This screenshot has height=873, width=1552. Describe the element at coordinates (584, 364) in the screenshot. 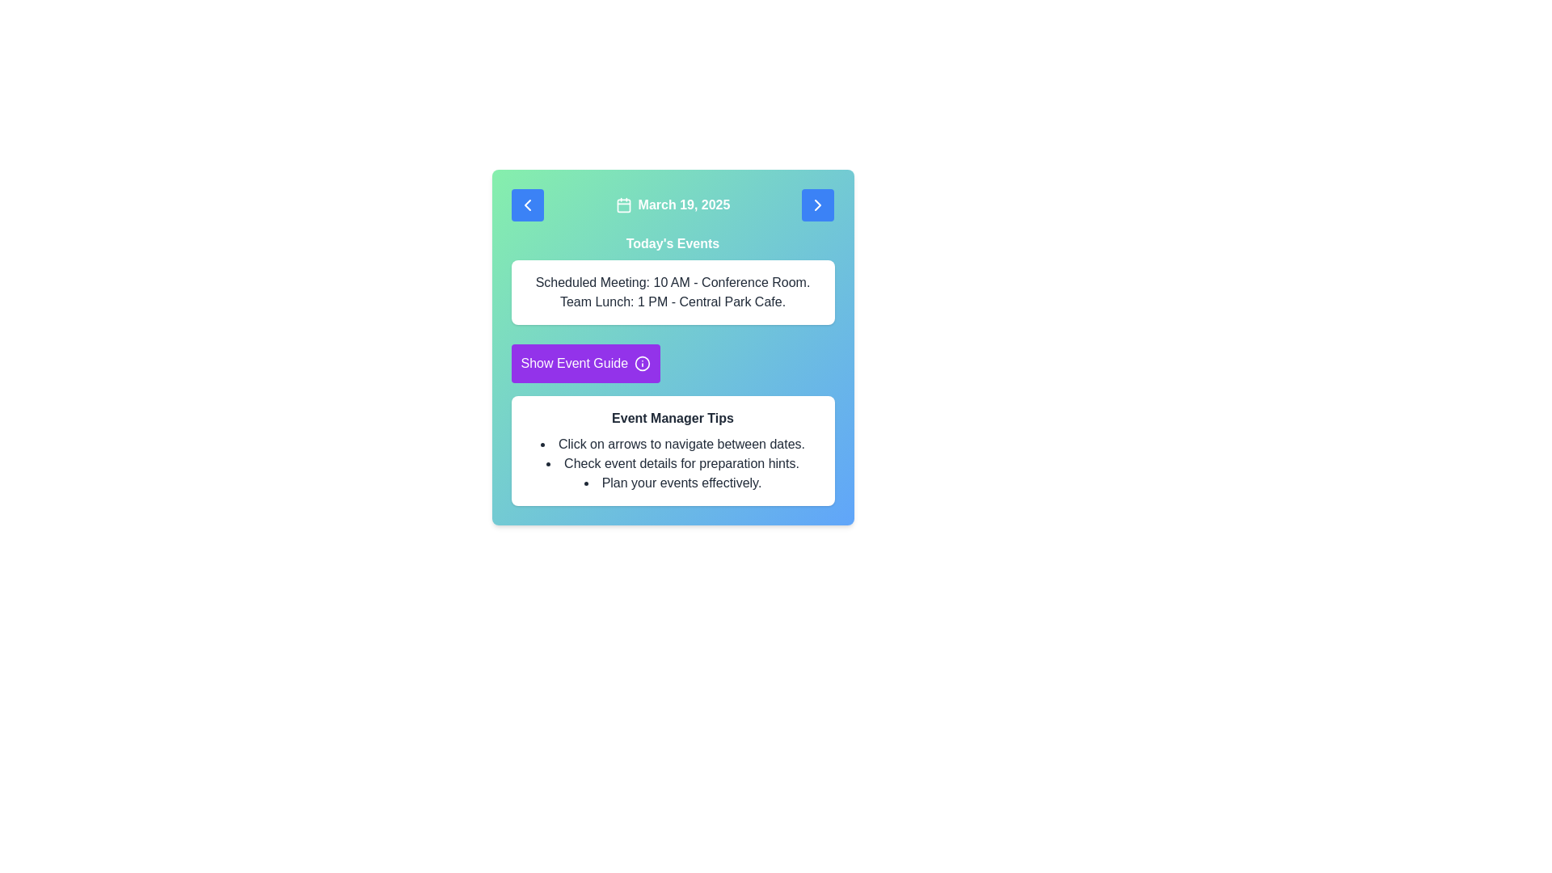

I see `the 'Show Event Guide' button, which has a purple background and is positioned below the 'Today's Events' text block` at that location.